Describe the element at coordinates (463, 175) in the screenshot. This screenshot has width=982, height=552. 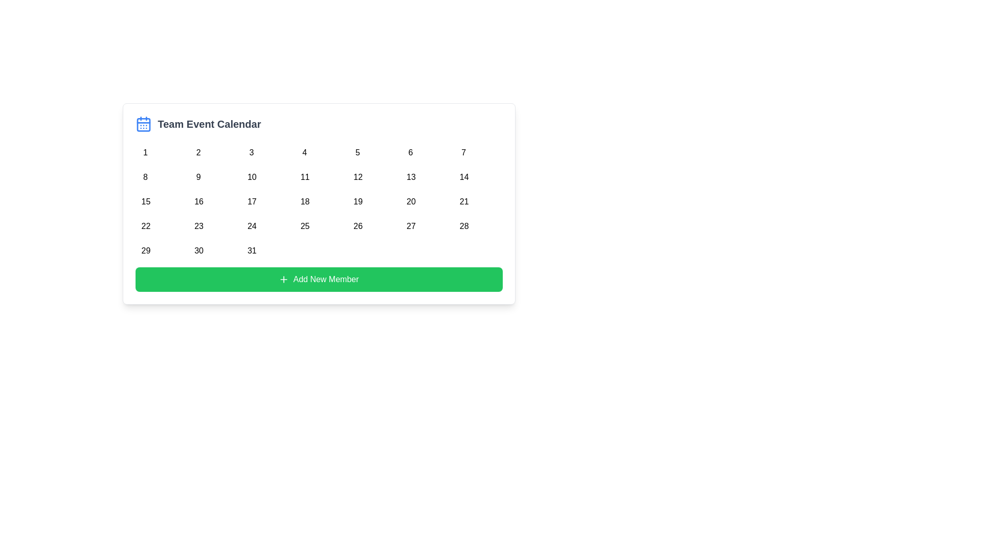
I see `the square-shaped button displaying '14' in a black font, located in the second column of the second row of the calendar grid` at that location.